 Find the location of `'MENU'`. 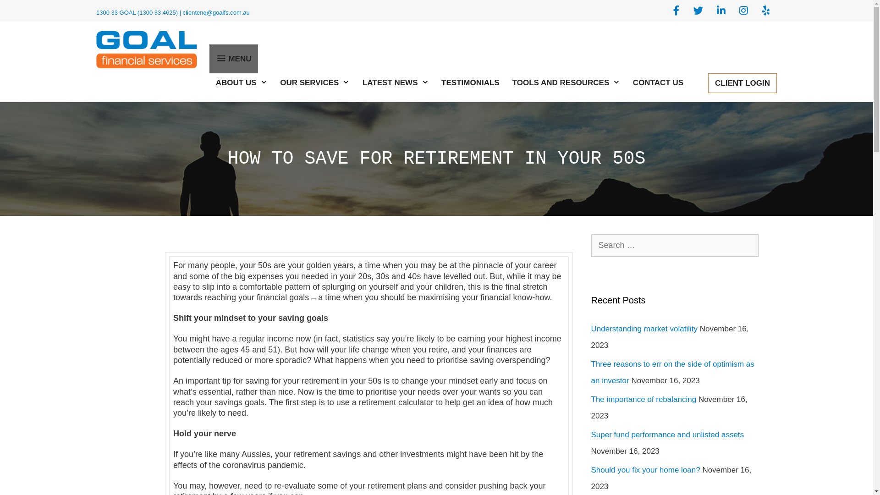

'MENU' is located at coordinates (234, 59).